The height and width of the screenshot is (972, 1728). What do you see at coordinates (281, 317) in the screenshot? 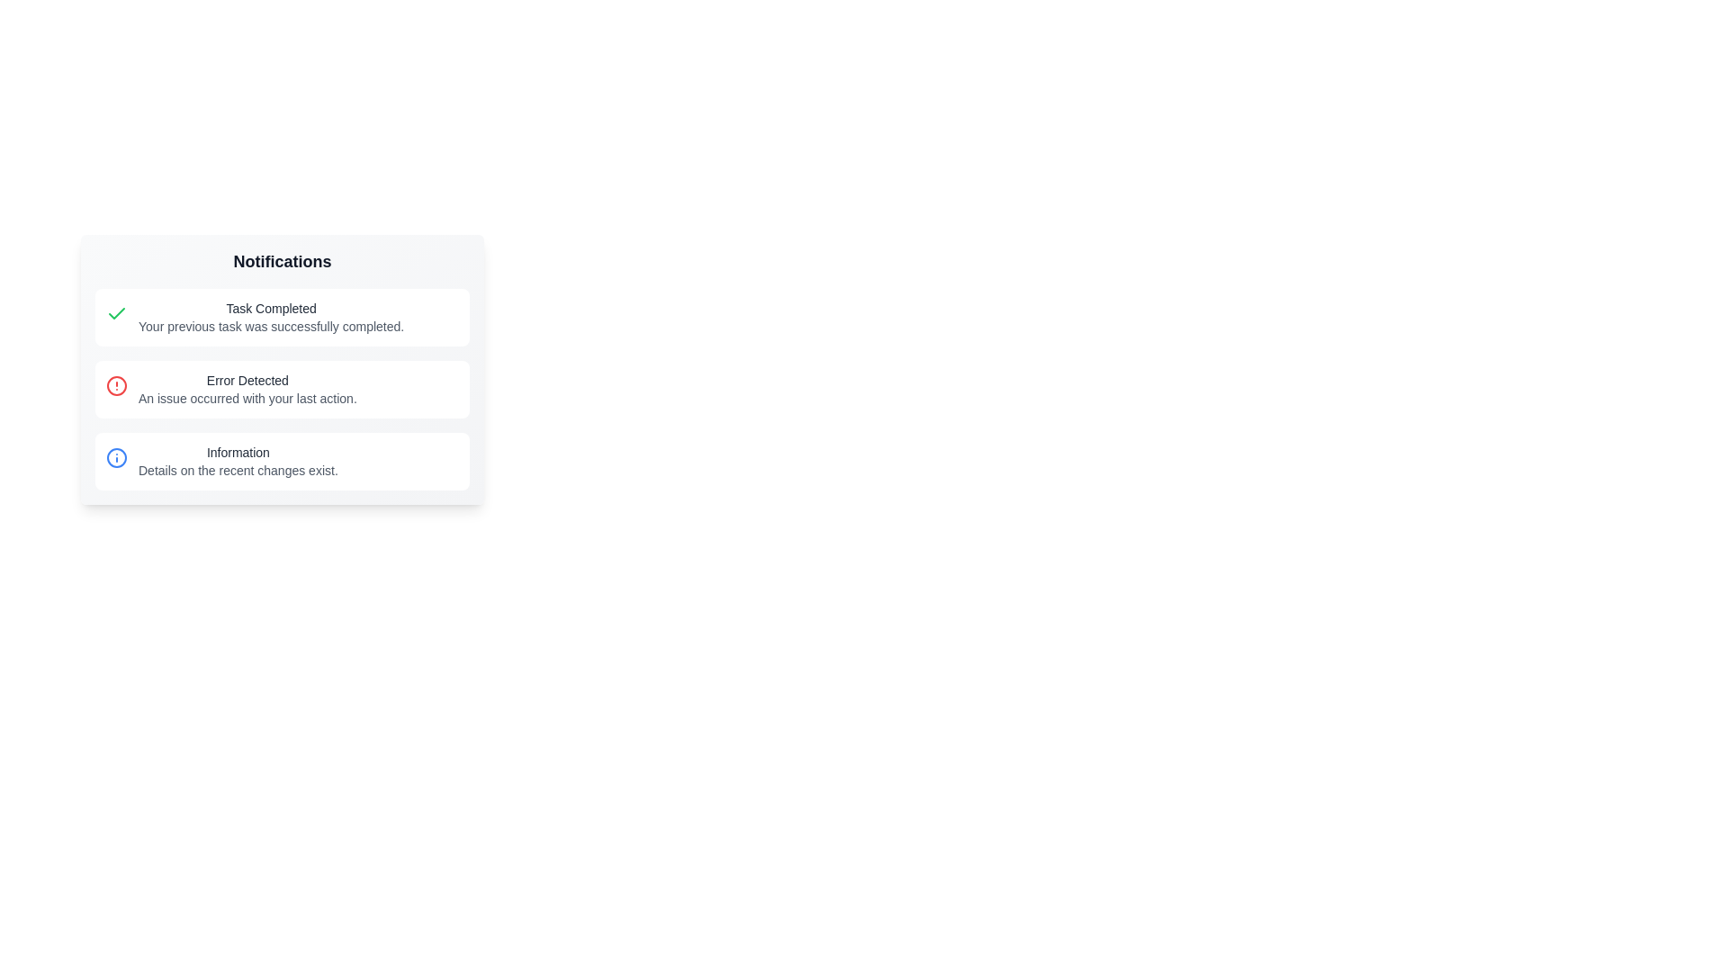
I see `the Notification Card that informs the user of the successful completion of their previous task, which is the first entry in the notifications list` at bounding box center [281, 317].